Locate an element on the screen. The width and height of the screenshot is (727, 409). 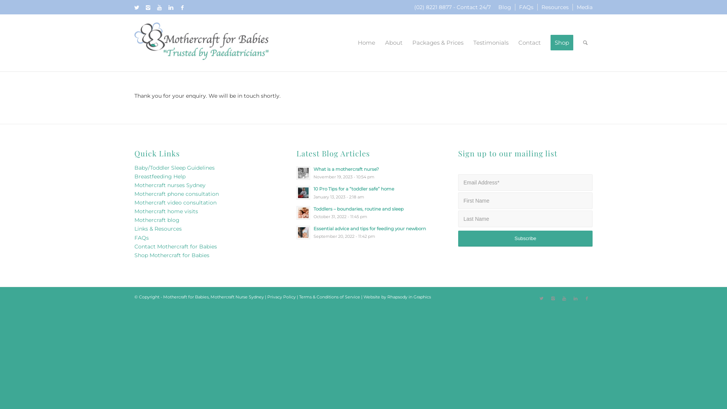
'(02) 8221 8877 - Contact 24/7' is located at coordinates (452, 7).